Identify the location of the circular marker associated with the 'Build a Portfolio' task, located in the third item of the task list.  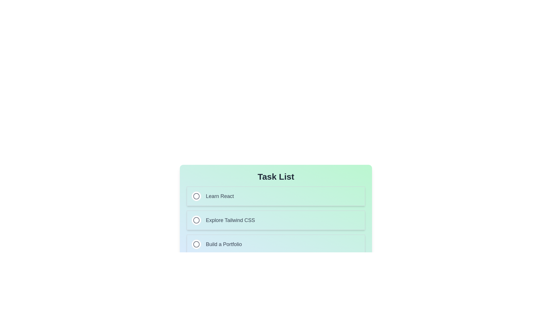
(196, 244).